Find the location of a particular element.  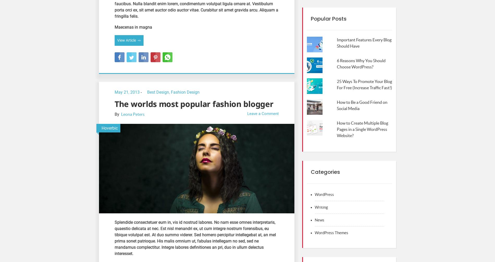

'Leave a Comment' is located at coordinates (263, 113).